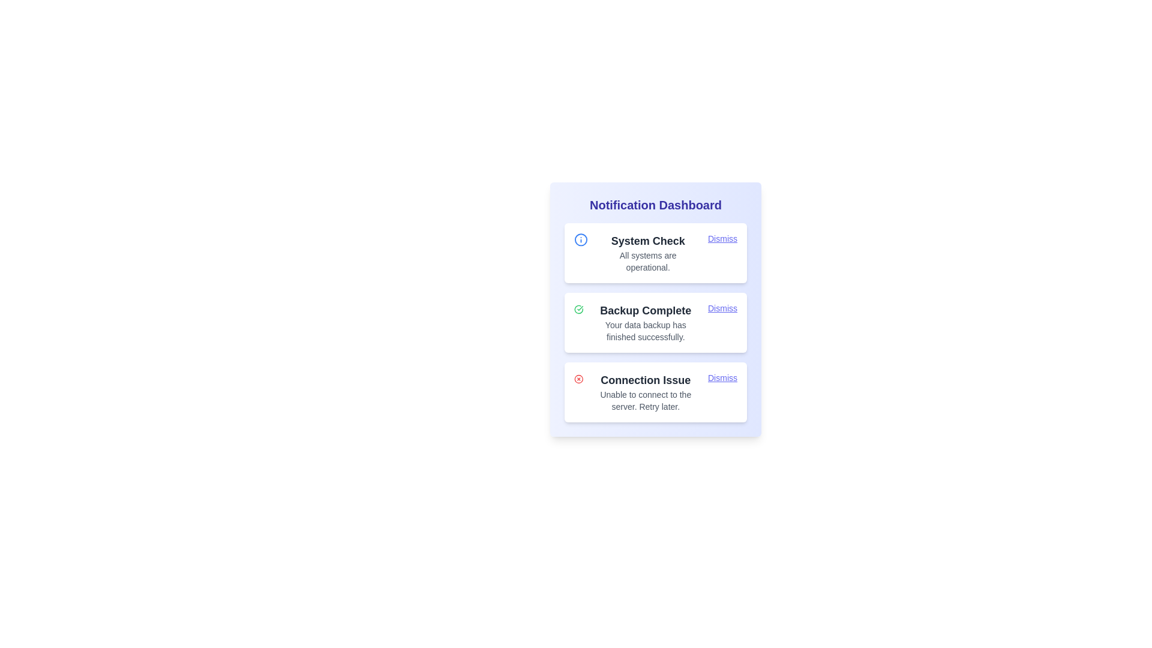 The width and height of the screenshot is (1152, 648). What do you see at coordinates (645, 310) in the screenshot?
I see `the text label displaying 'Backup Complete' in bold, large-sized font, located in the middle notification of the 'Notification Dashboard'` at bounding box center [645, 310].